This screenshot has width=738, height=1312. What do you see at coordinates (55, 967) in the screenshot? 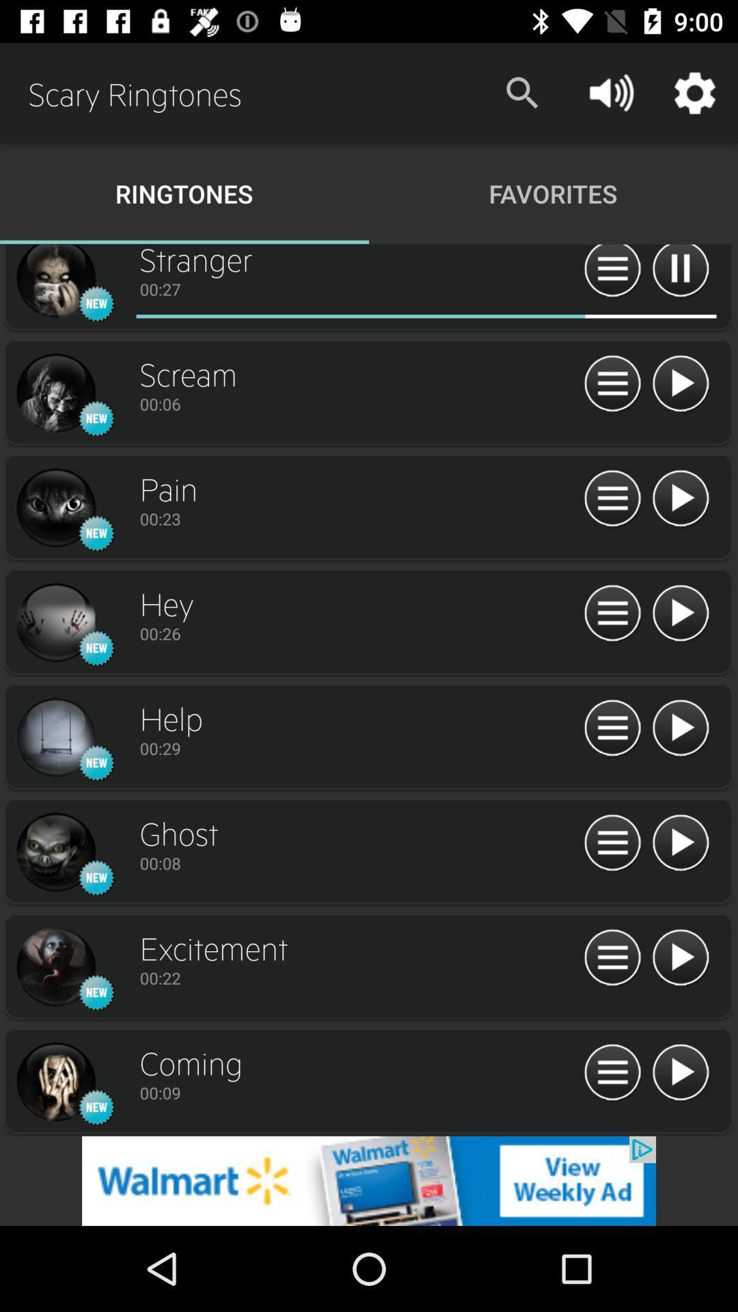
I see `profile picture` at bounding box center [55, 967].